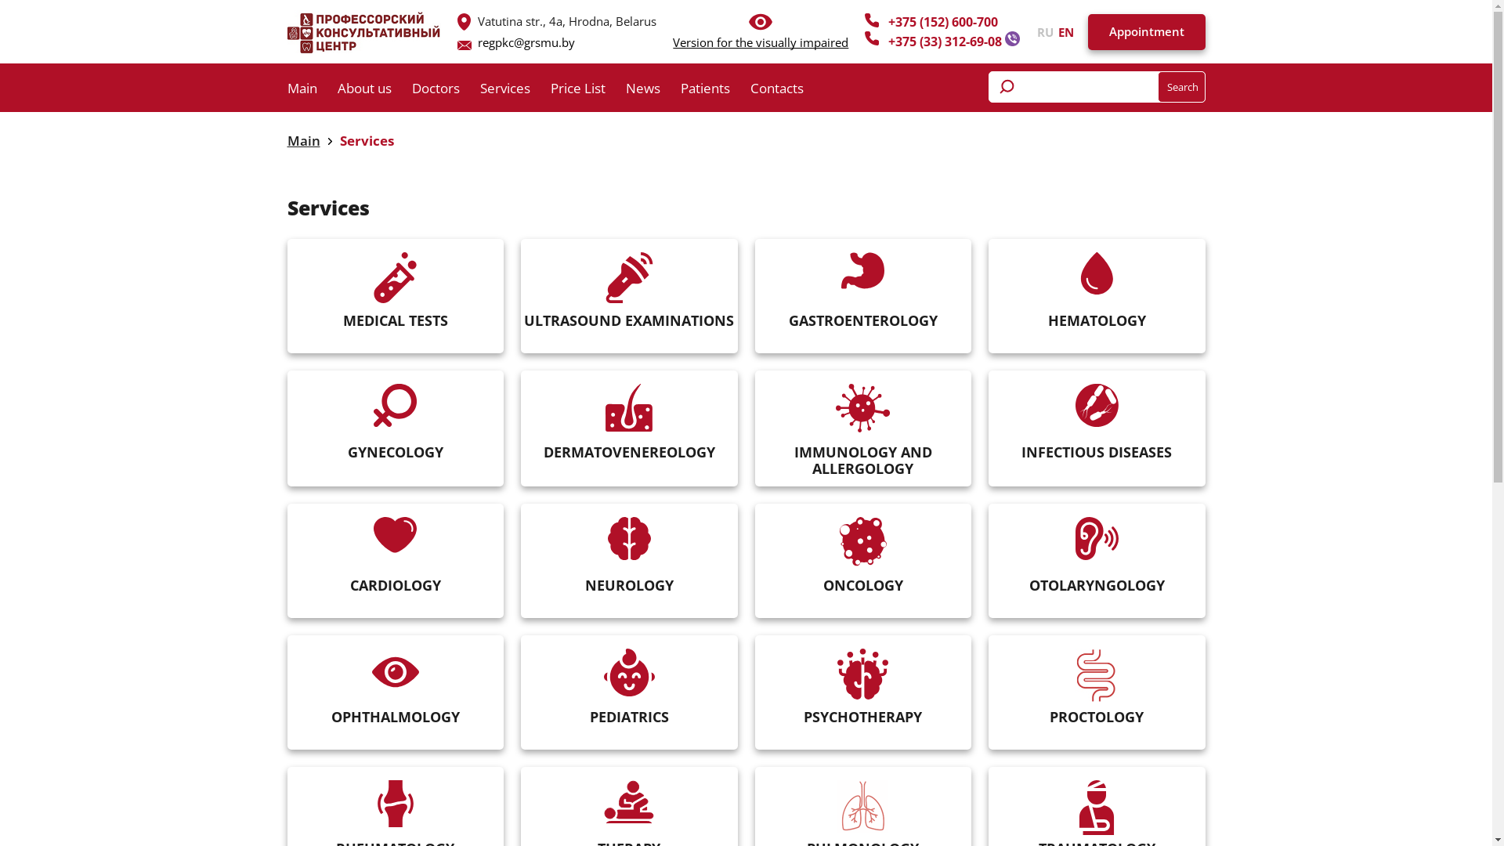 This screenshot has height=846, width=1504. What do you see at coordinates (945, 41) in the screenshot?
I see `'+375 (33) 312-69-08'` at bounding box center [945, 41].